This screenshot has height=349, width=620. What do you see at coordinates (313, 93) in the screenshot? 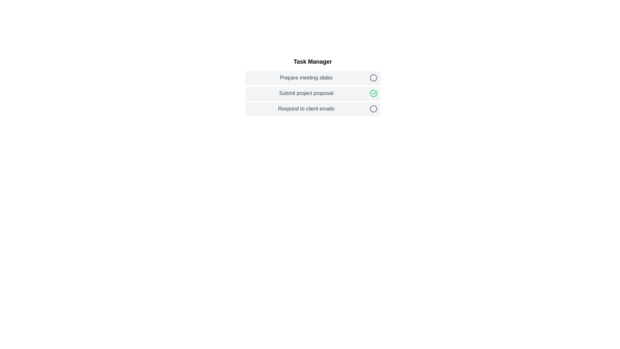
I see `the green check mark of the completed task 'Submit project proposal' to interact with it` at bounding box center [313, 93].